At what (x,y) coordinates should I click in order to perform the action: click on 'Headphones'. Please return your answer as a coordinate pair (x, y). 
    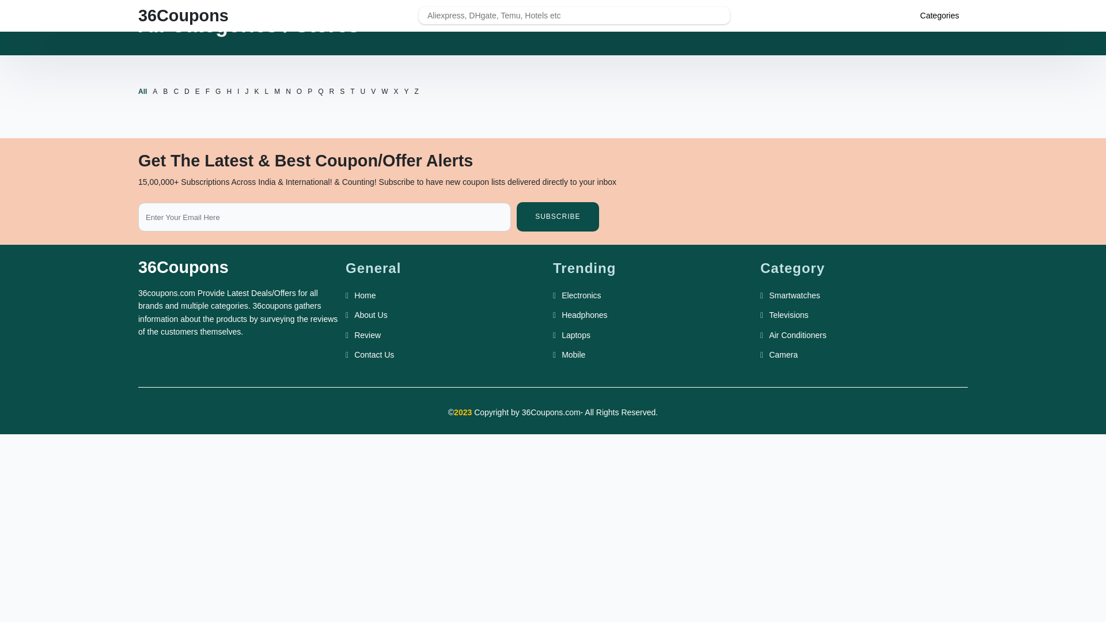
    Looking at the image, I should click on (584, 315).